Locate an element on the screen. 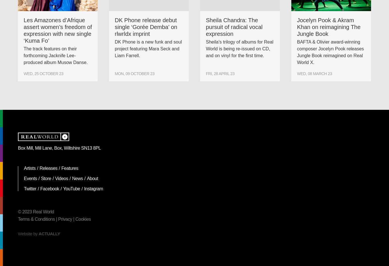 The height and width of the screenshot is (266, 389). 'Events' is located at coordinates (30, 178).